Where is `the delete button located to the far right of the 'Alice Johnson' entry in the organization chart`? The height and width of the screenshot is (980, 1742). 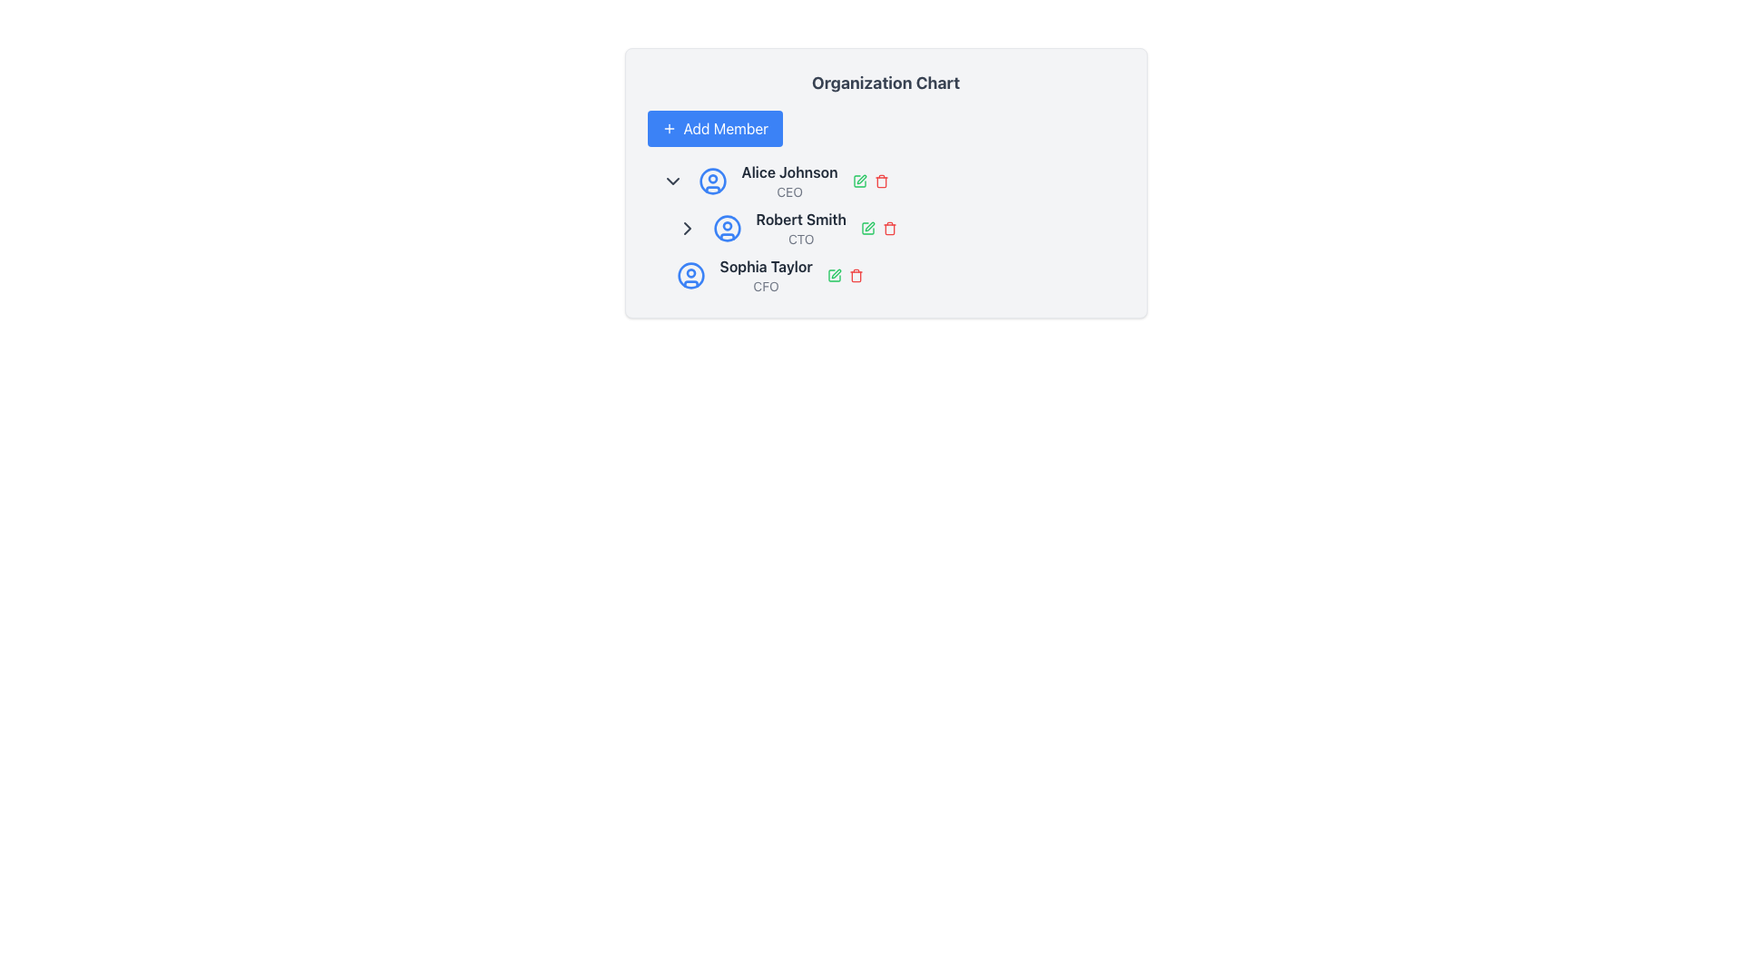 the delete button located to the far right of the 'Alice Johnson' entry in the organization chart is located at coordinates (881, 181).